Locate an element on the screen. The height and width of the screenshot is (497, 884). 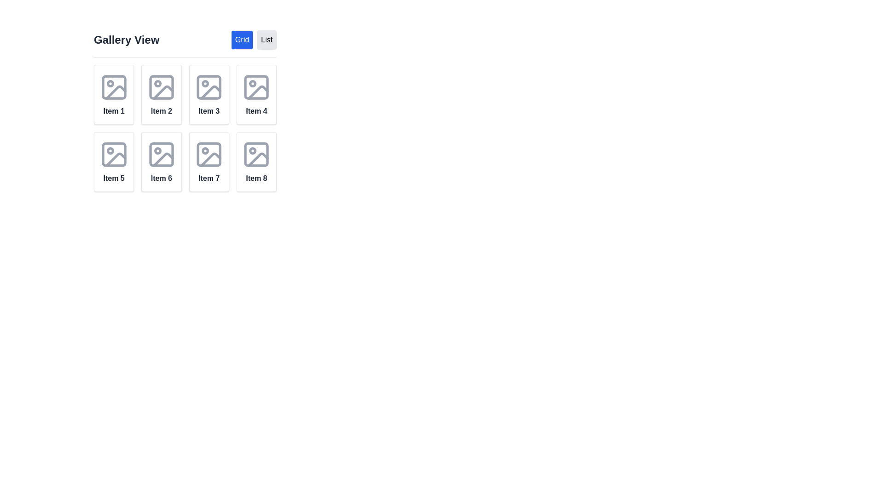
descriptive label of the second item card in the grid layout, which contains an icon and text is located at coordinates (161, 94).